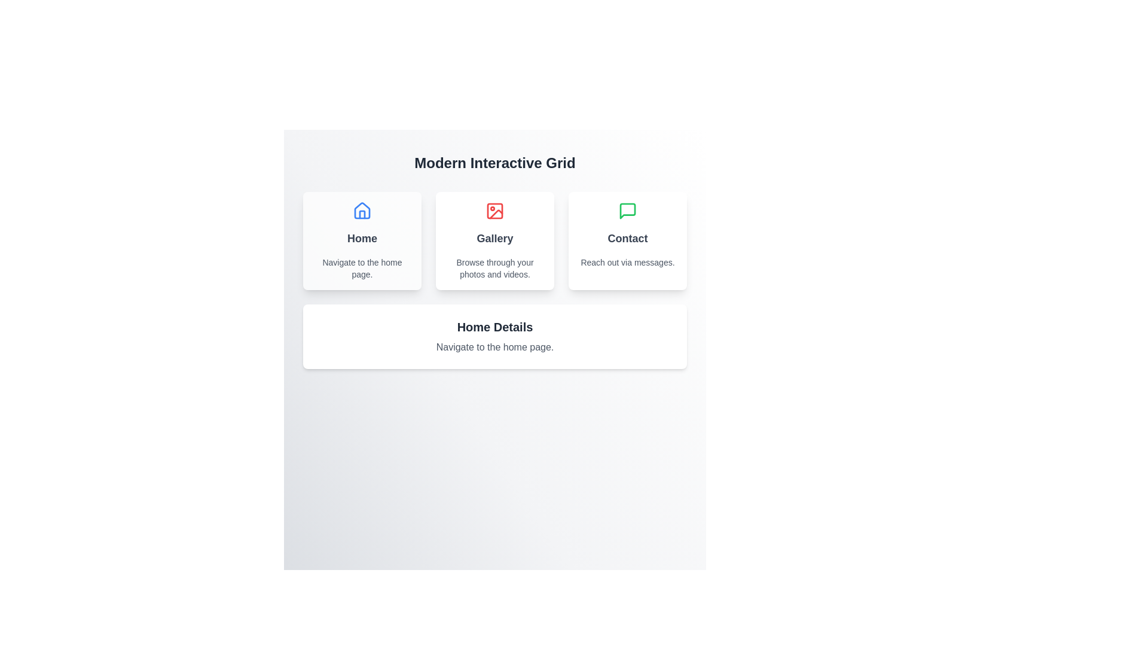 The height and width of the screenshot is (646, 1148). Describe the element at coordinates (627, 238) in the screenshot. I see `the 'Contact' label element, which is a bold dark gray text component located centrally in the third card of the grid layout, positioned below a message square icon and above the text 'Reach out via messages'` at that location.